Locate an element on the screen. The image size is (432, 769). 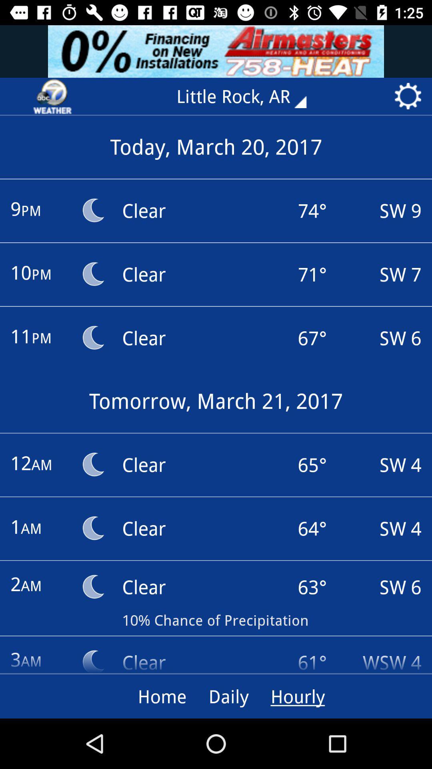
the little rock, ar item is located at coordinates (247, 96).